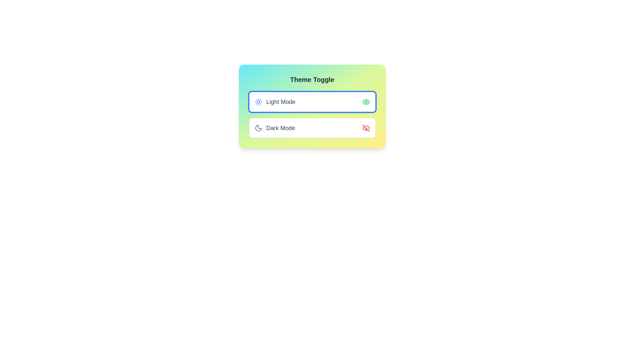 This screenshot has height=354, width=630. What do you see at coordinates (312, 128) in the screenshot?
I see `the theme Dark Mode to observe the visual feedback` at bounding box center [312, 128].